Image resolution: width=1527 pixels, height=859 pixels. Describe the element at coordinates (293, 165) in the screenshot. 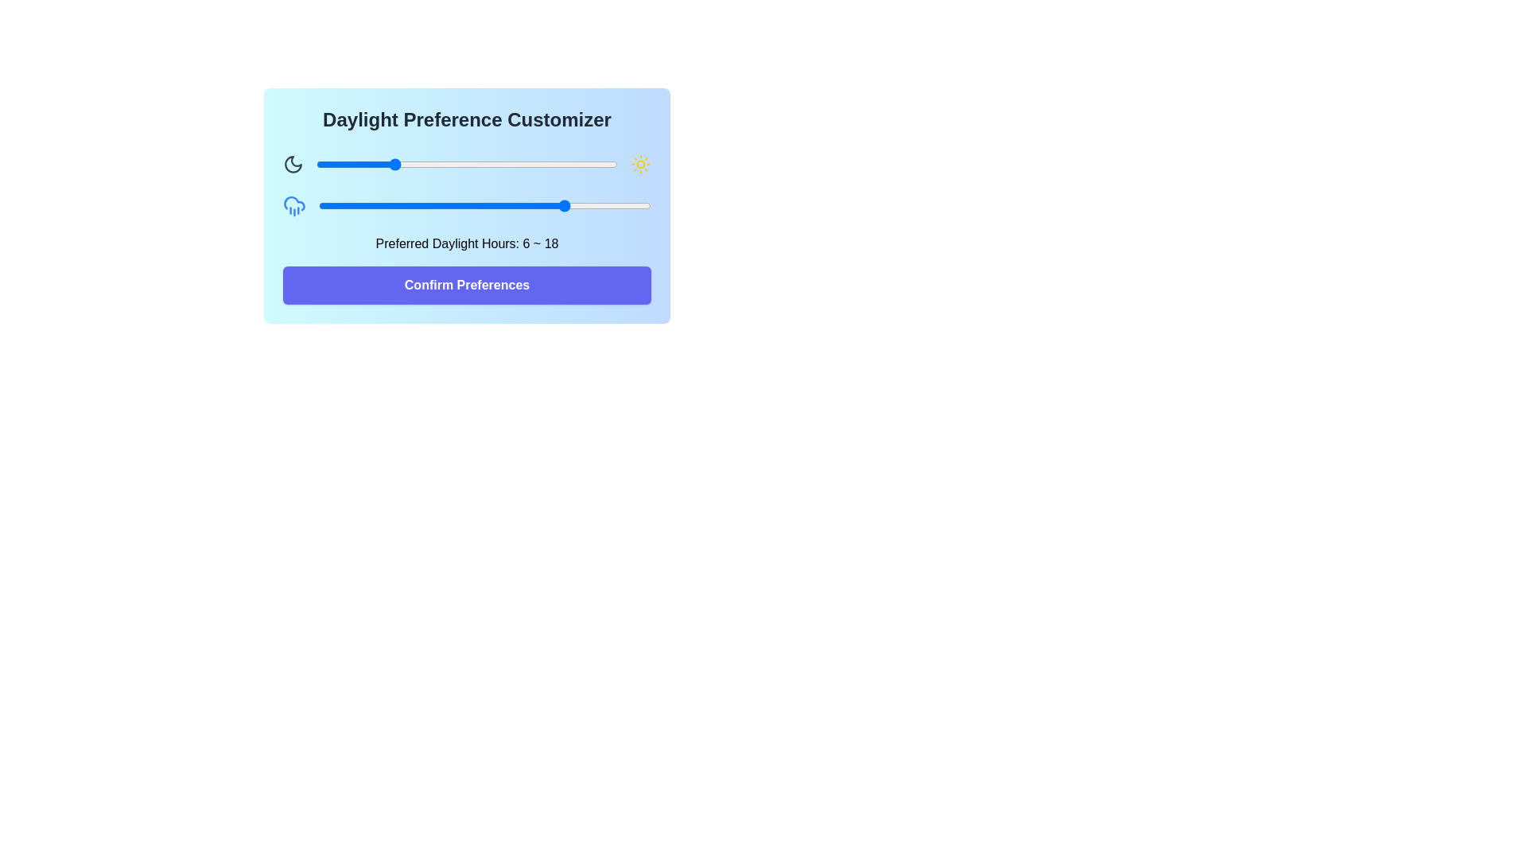

I see `the moon icon that signifies nighttime preferences located at the top-left area of the 'Daylight Preference Customizer' card` at that location.